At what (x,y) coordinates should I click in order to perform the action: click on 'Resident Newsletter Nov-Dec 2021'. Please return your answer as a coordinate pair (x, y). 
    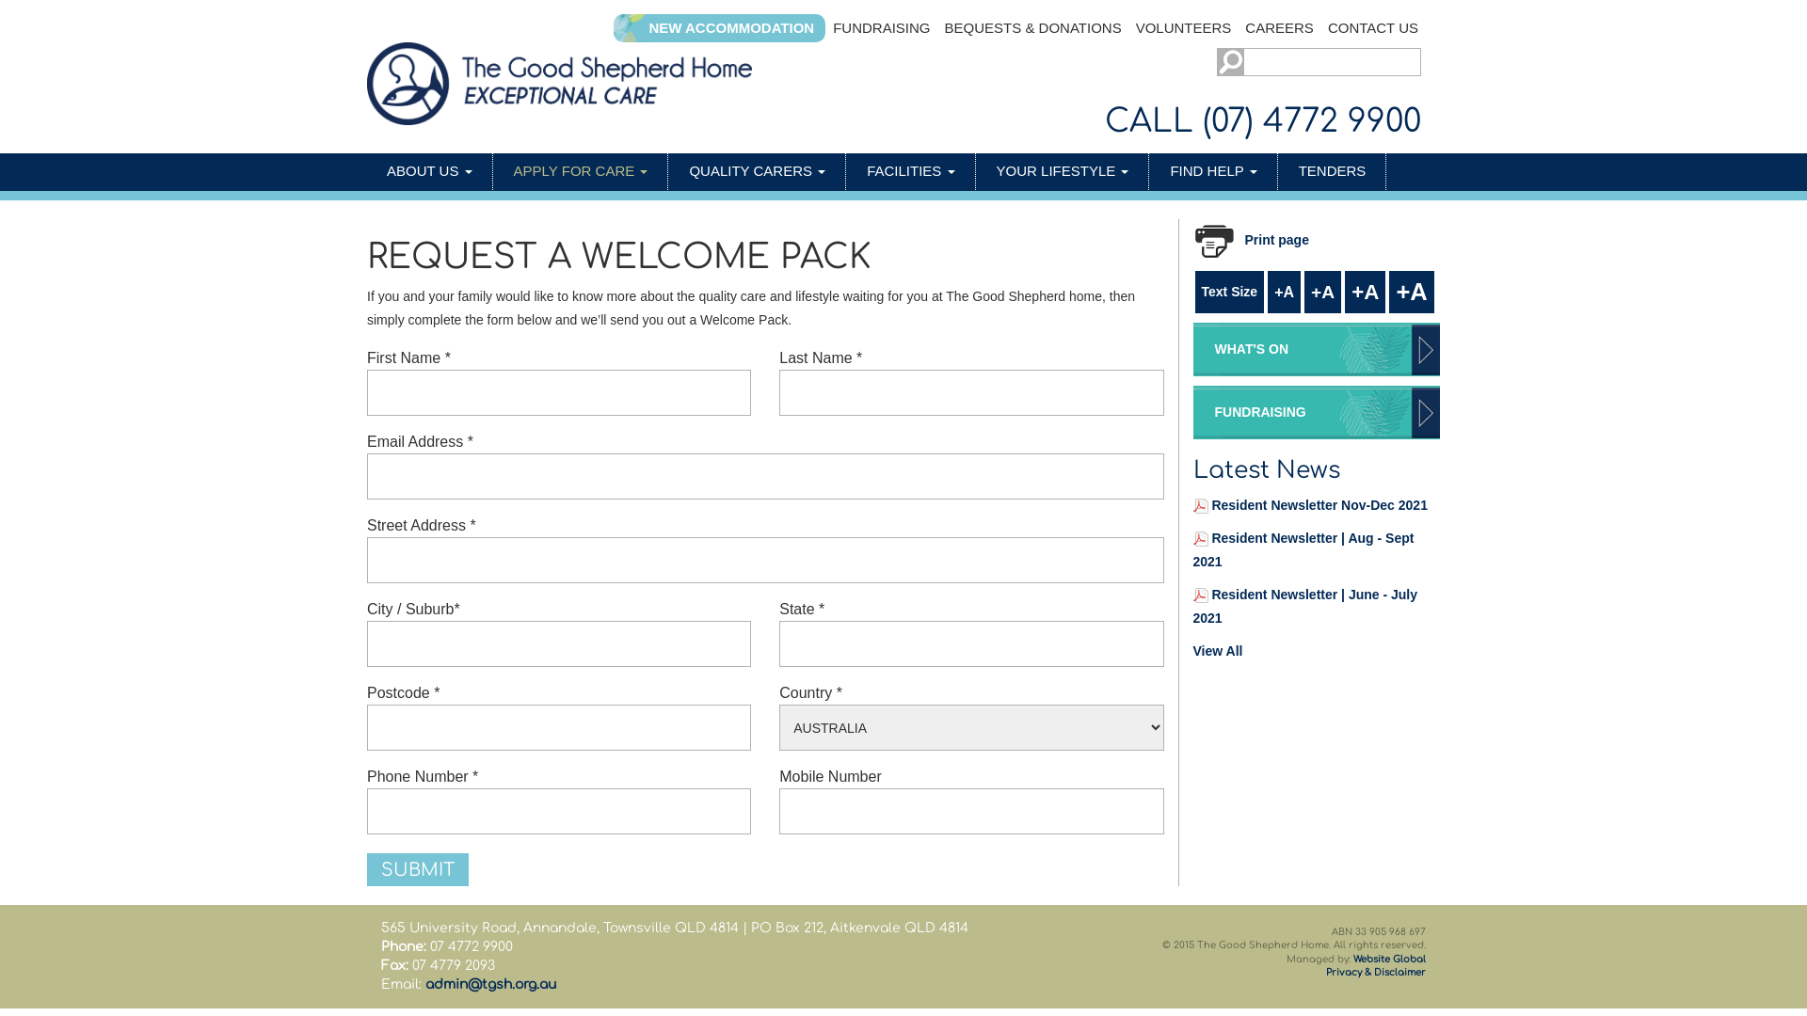
    Looking at the image, I should click on (1318, 503).